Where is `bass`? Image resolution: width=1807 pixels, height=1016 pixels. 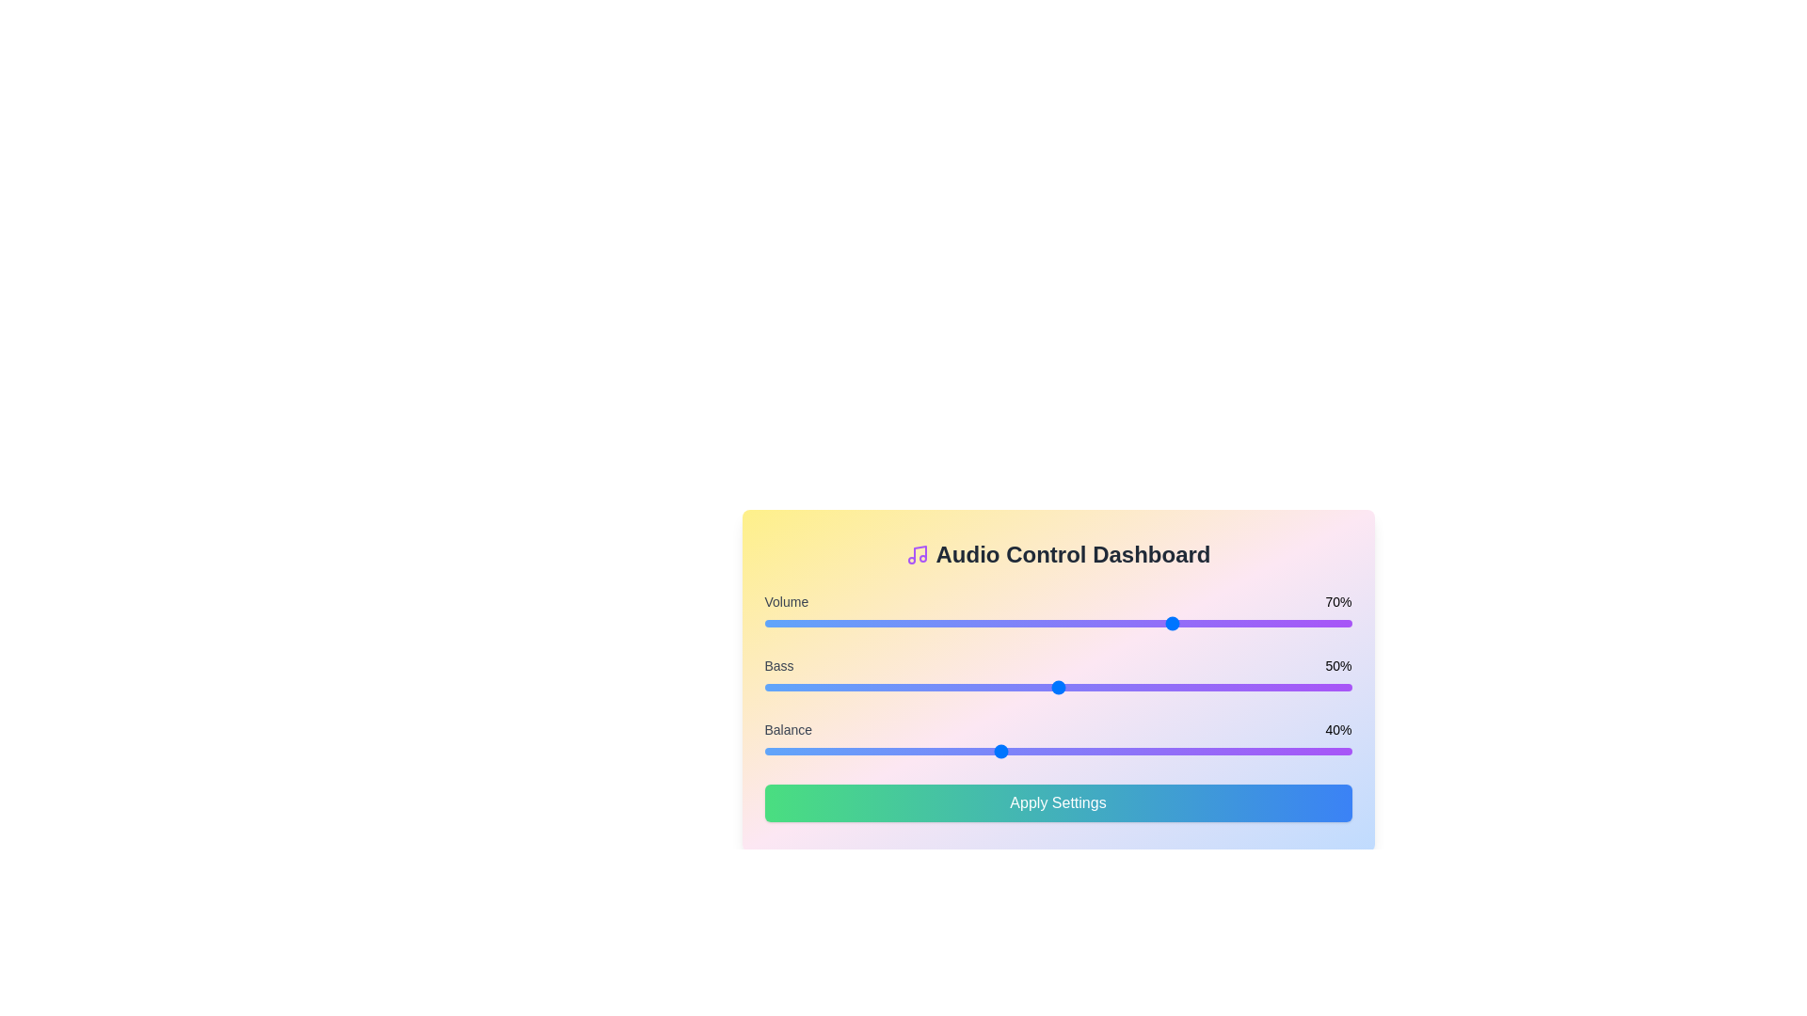 bass is located at coordinates (852, 688).